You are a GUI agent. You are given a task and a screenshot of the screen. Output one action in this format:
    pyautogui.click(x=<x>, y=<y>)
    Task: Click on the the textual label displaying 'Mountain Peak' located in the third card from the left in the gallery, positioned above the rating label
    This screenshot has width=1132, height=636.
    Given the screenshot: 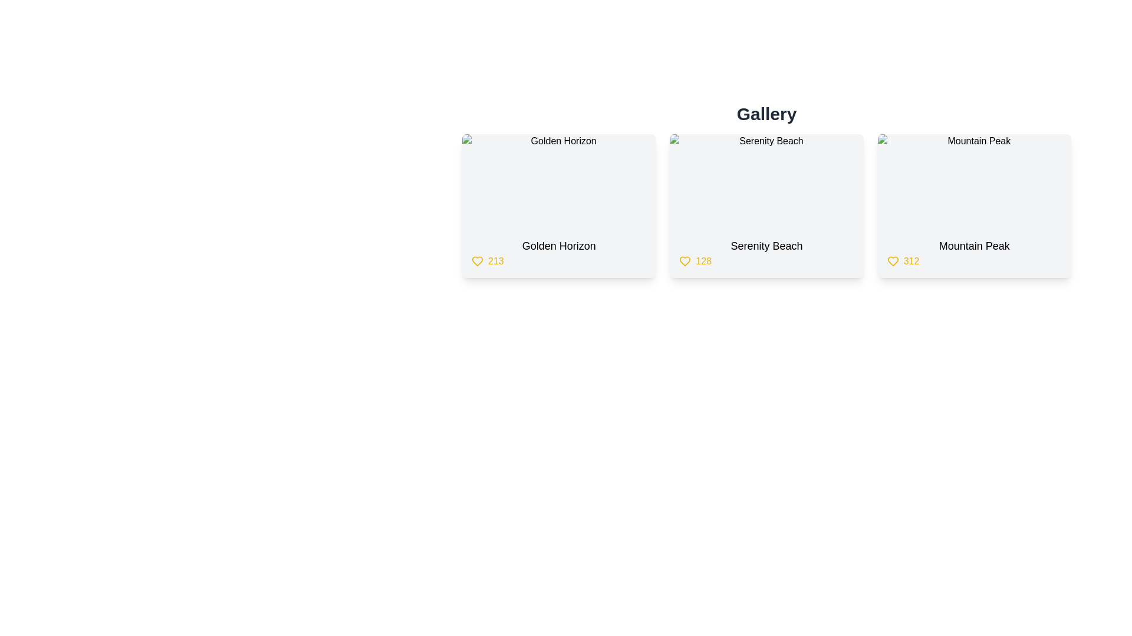 What is the action you would take?
    pyautogui.click(x=974, y=245)
    